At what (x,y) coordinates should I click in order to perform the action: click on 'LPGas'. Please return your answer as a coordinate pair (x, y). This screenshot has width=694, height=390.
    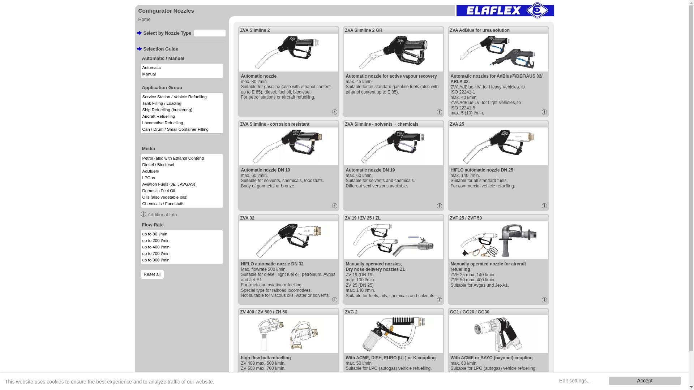
    Looking at the image, I should click on (141, 178).